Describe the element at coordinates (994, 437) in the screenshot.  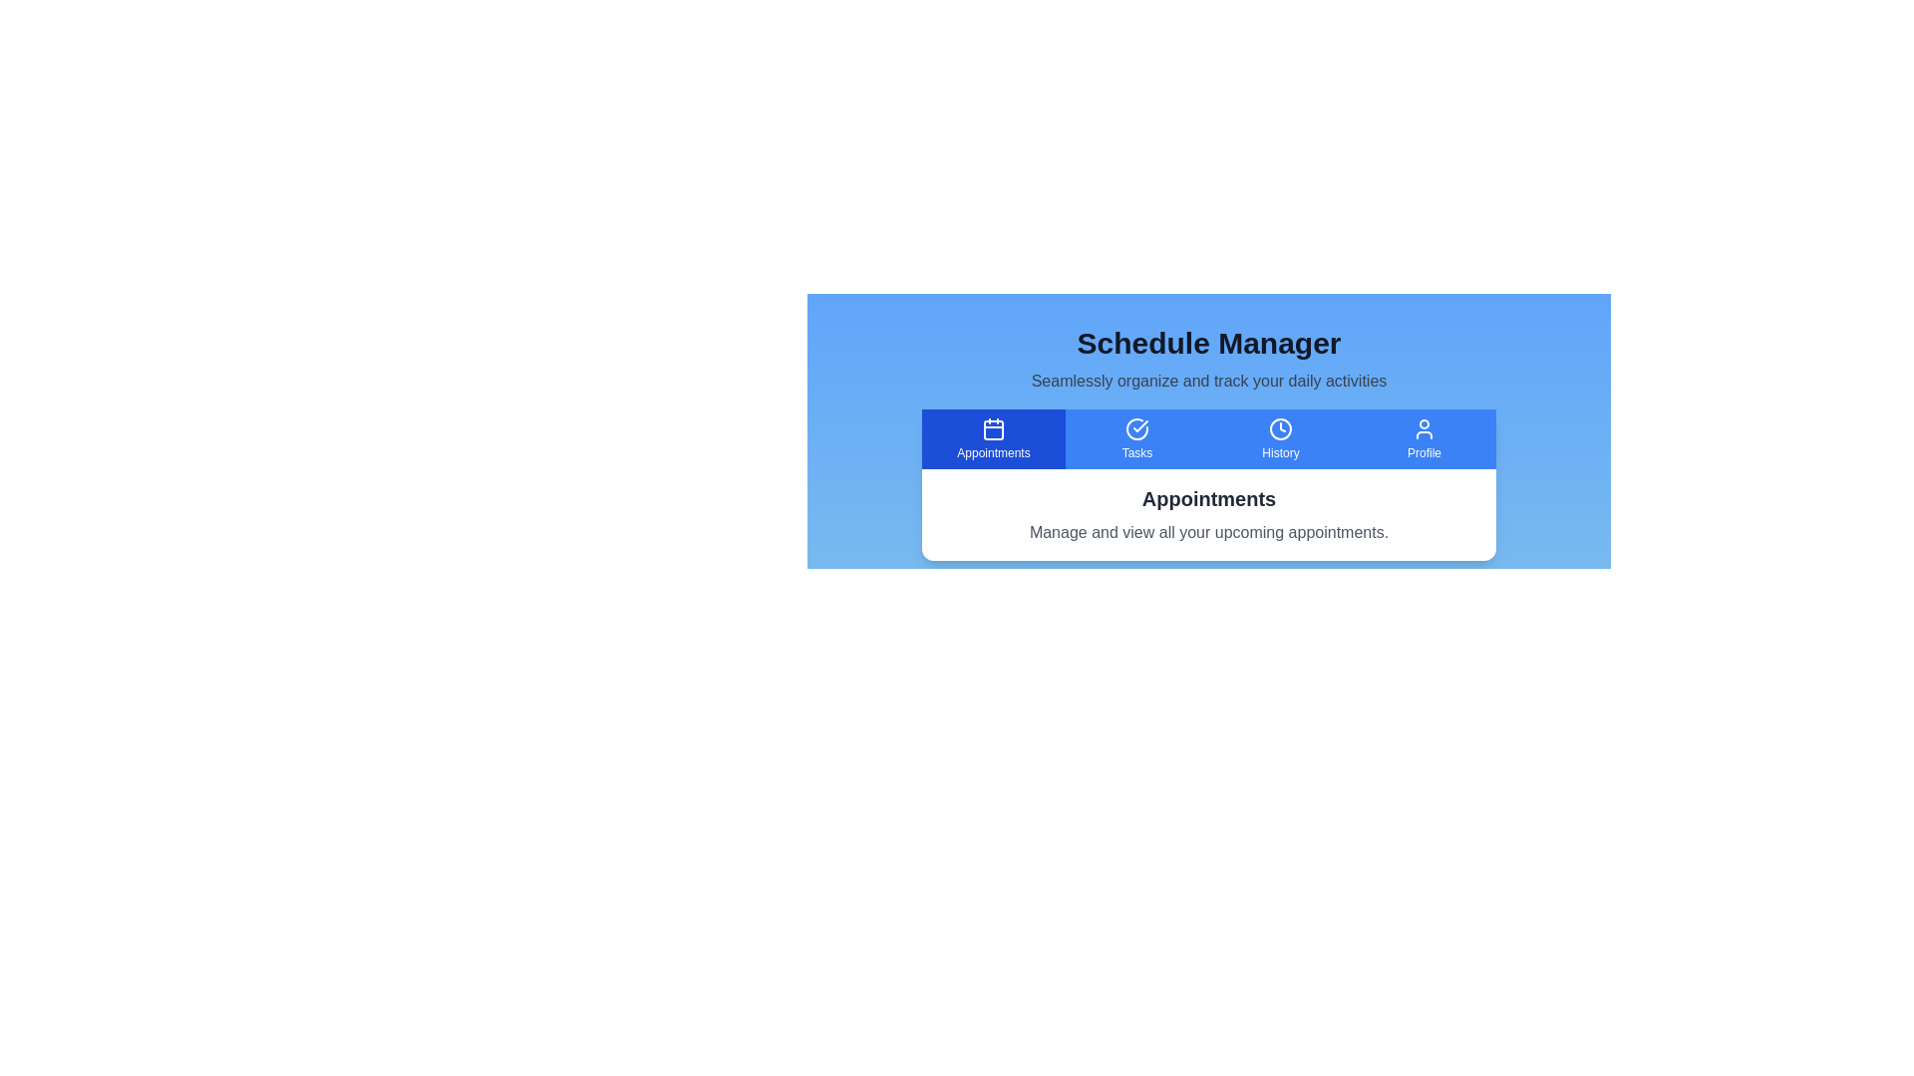
I see `the blue button labeled 'Appointments' with a calendar icon to observe the hover effect` at that location.